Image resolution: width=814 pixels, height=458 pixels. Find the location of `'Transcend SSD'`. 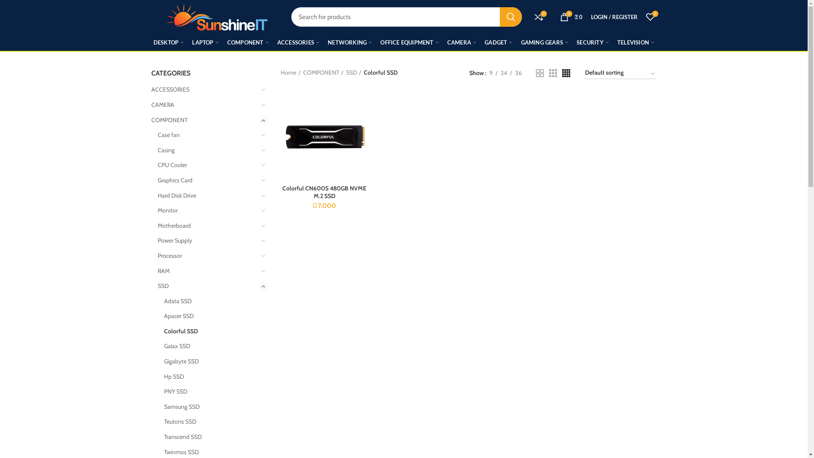

'Transcend SSD' is located at coordinates (210, 437).